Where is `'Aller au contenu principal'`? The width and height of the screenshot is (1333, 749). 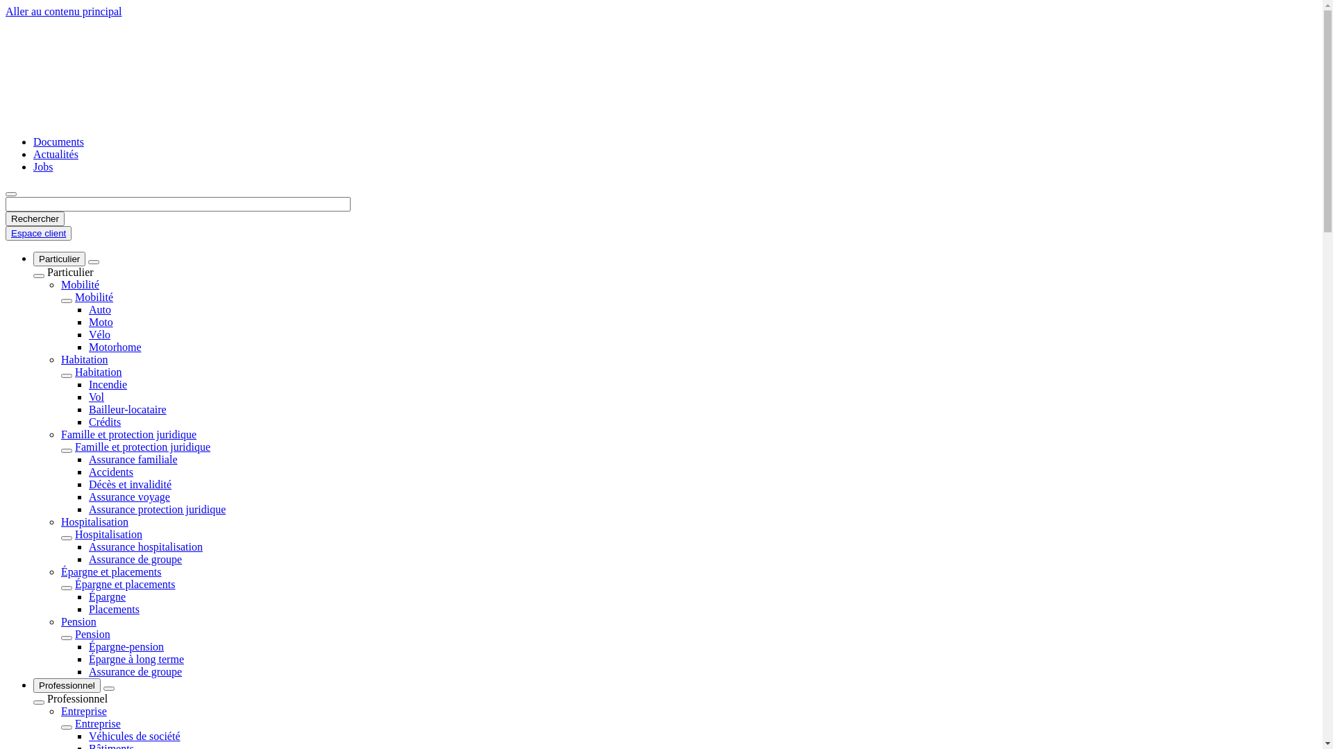
'Aller au contenu principal' is located at coordinates (62, 11).